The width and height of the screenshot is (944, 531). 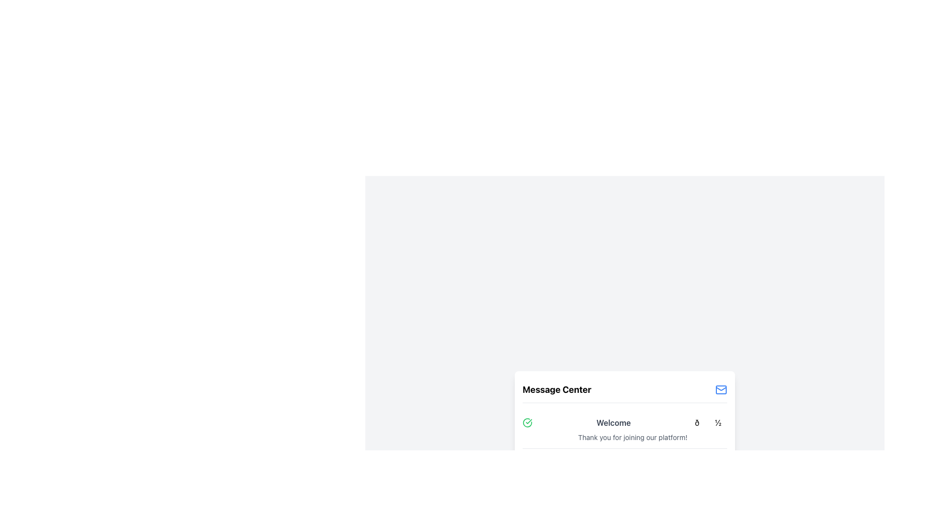 What do you see at coordinates (632, 437) in the screenshot?
I see `the static text element that conveys a welcoming message, thanking the user for joining the platform, located below the 'Welcome' text in the 'Message Center'` at bounding box center [632, 437].